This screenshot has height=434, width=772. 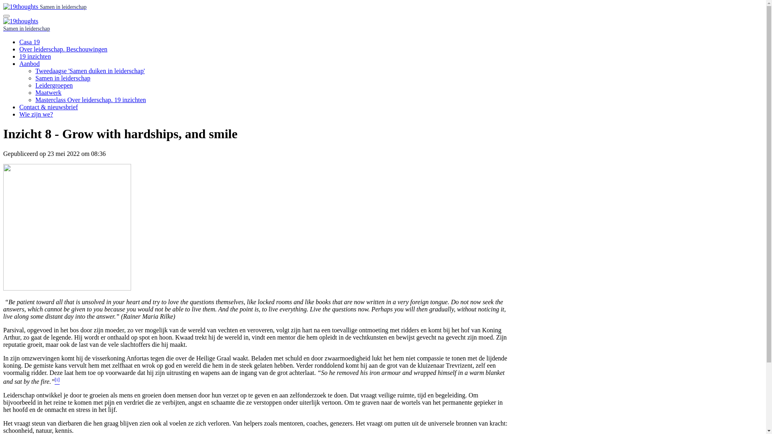 I want to click on 'Samen in leiderschap', so click(x=3, y=28).